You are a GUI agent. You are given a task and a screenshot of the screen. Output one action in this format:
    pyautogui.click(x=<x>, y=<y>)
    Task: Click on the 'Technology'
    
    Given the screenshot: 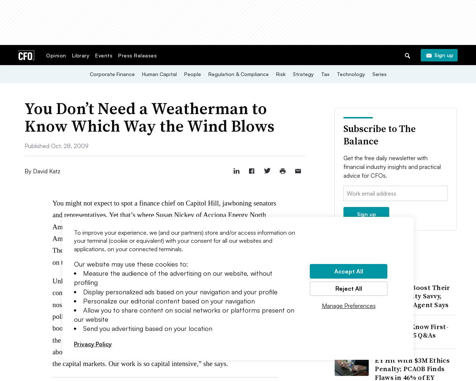 What is the action you would take?
    pyautogui.click(x=350, y=73)
    